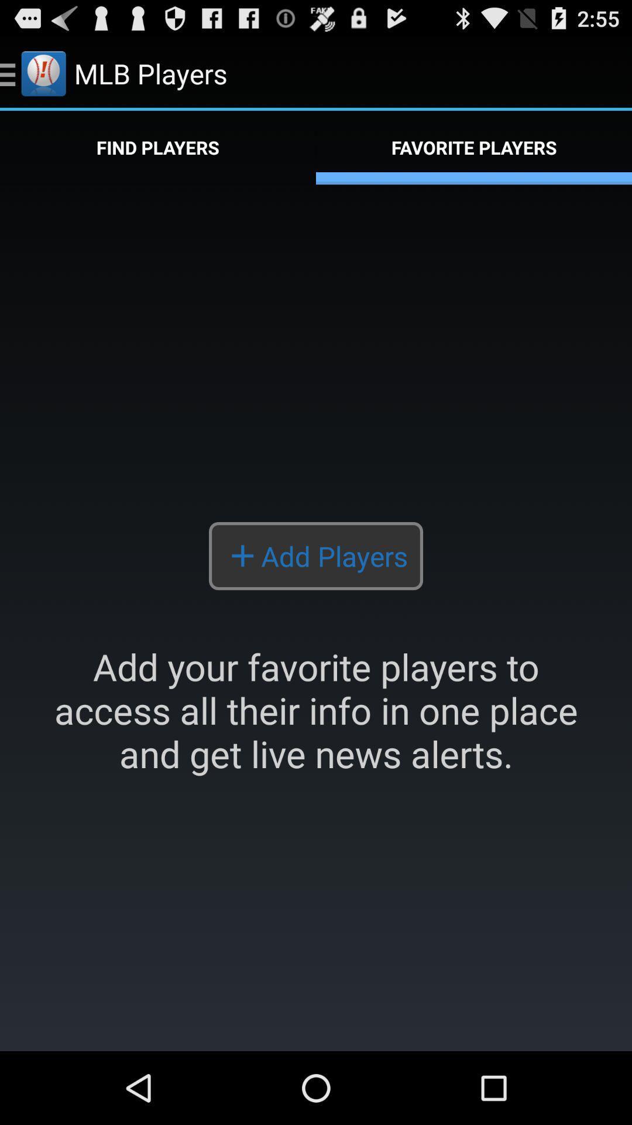  Describe the element at coordinates (158, 147) in the screenshot. I see `the app next to the favorite players icon` at that location.